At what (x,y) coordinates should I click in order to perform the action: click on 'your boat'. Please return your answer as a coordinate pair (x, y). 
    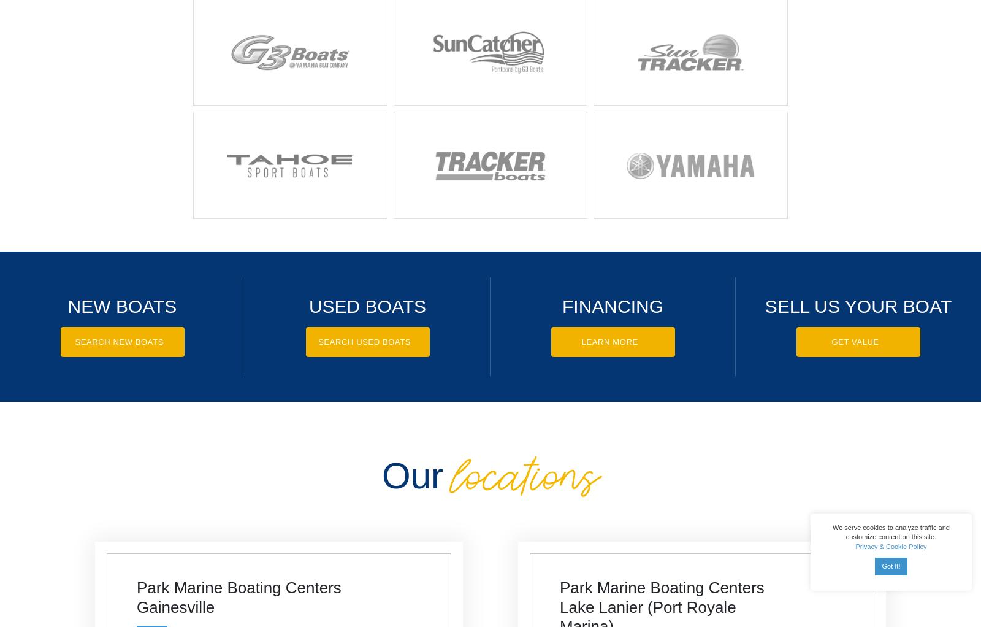
    Looking at the image, I should click on (898, 306).